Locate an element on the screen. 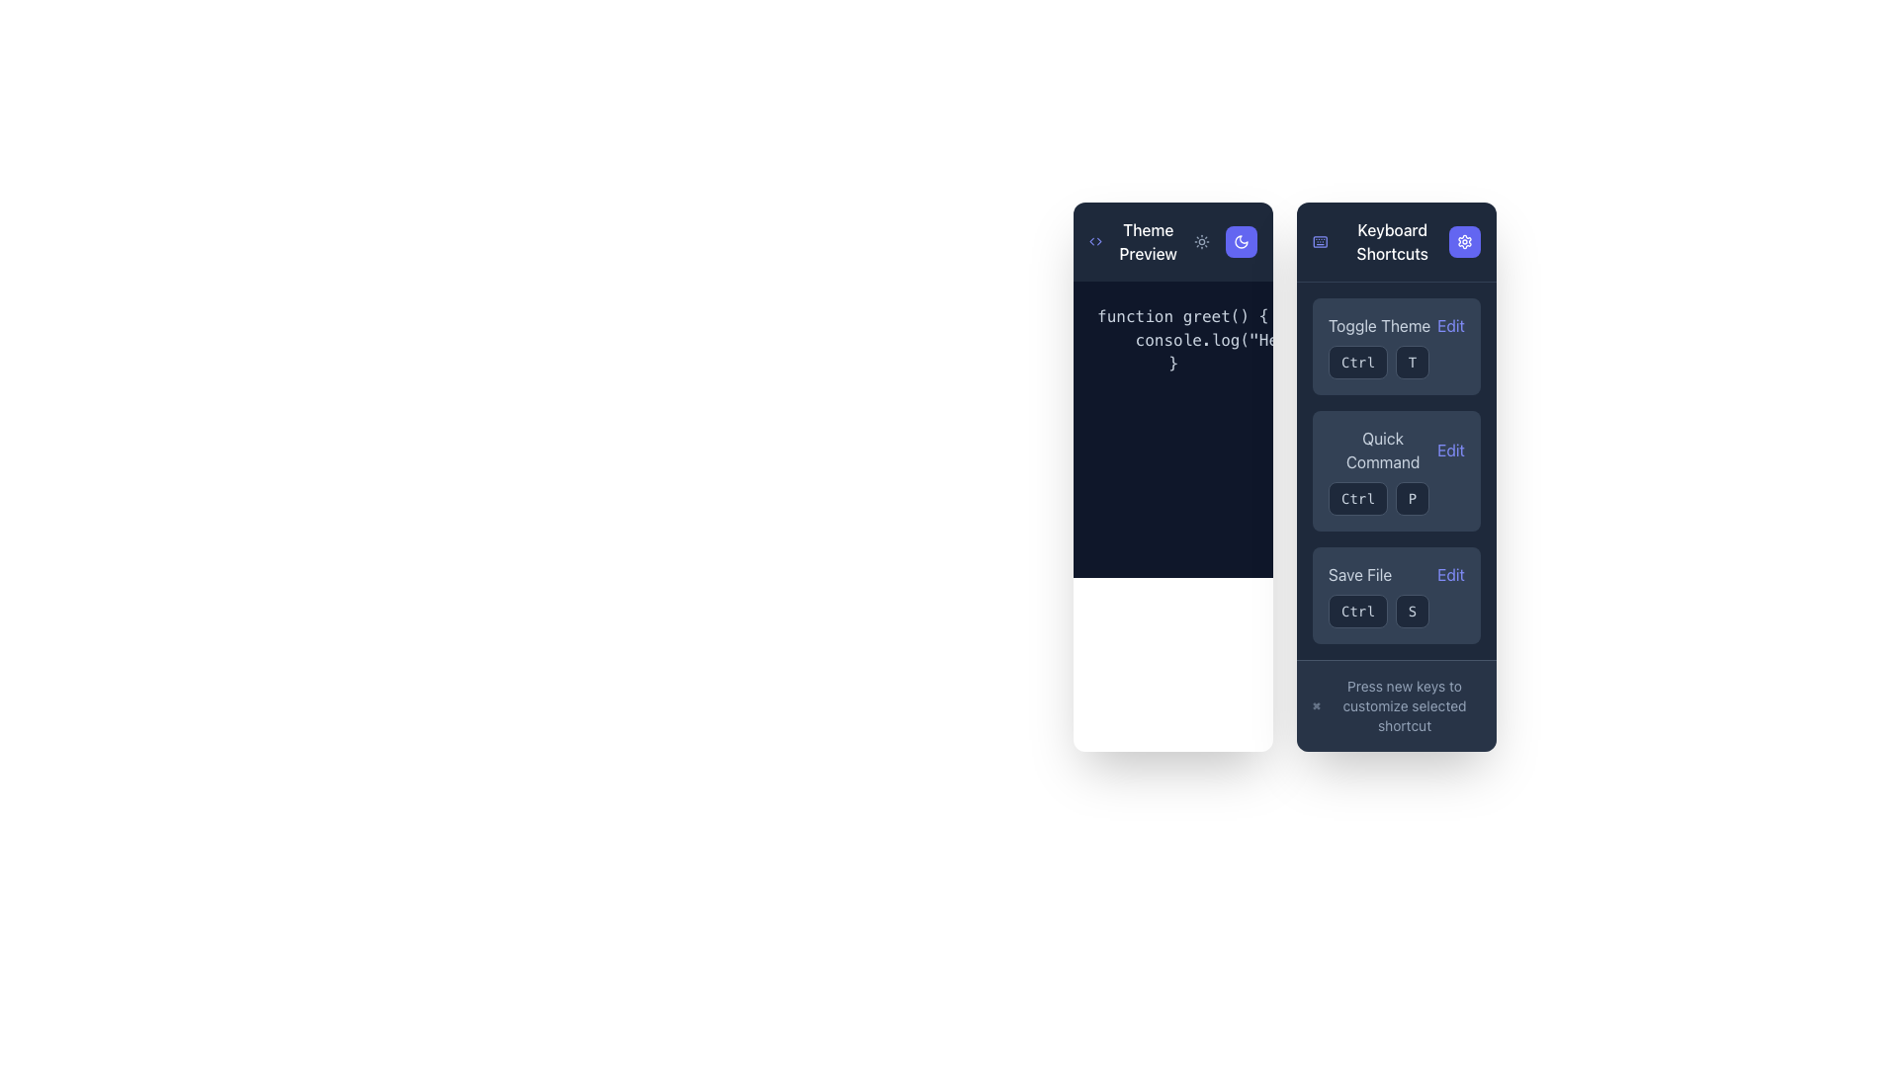 The height and width of the screenshot is (1067, 1898). the static representation of the indigo keyboard icon located next to the text 'Keyboard Shortcuts' in the top-left corner of the section is located at coordinates (1320, 241).